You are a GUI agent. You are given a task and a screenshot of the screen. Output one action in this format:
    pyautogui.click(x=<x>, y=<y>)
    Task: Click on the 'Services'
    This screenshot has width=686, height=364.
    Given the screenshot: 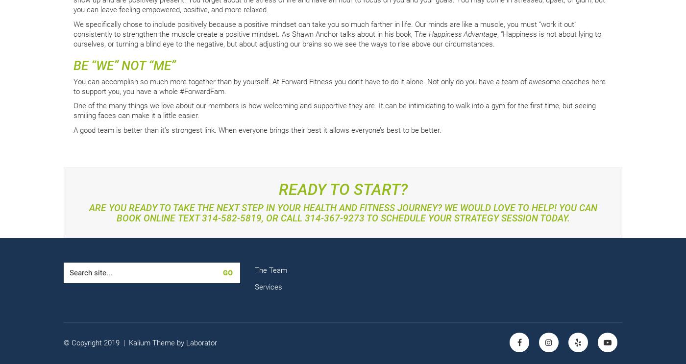 What is the action you would take?
    pyautogui.click(x=268, y=286)
    